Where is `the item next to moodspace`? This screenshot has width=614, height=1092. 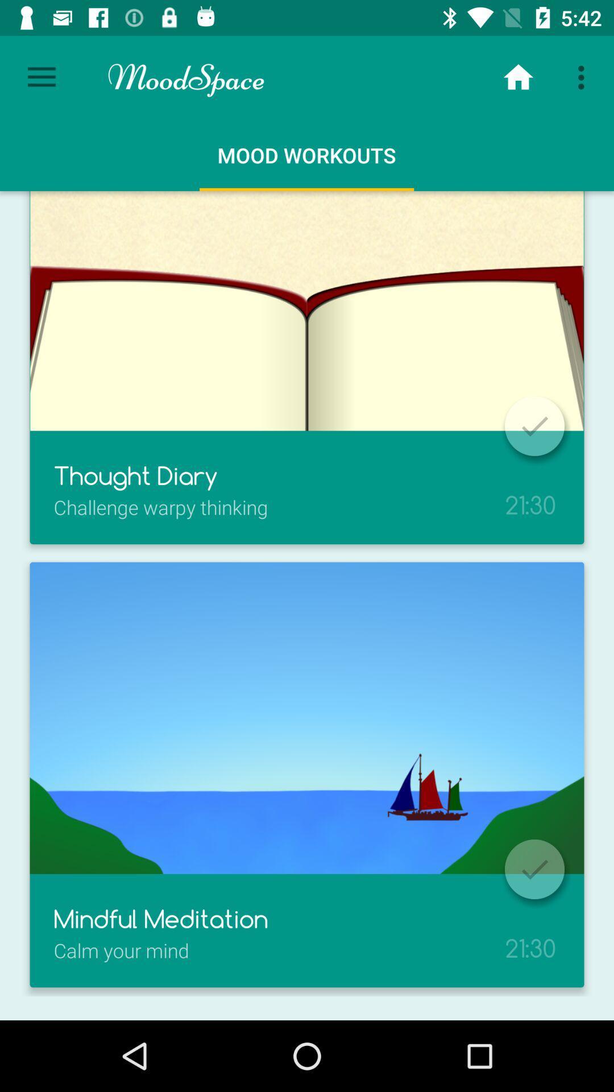
the item next to moodspace is located at coordinates (518, 77).